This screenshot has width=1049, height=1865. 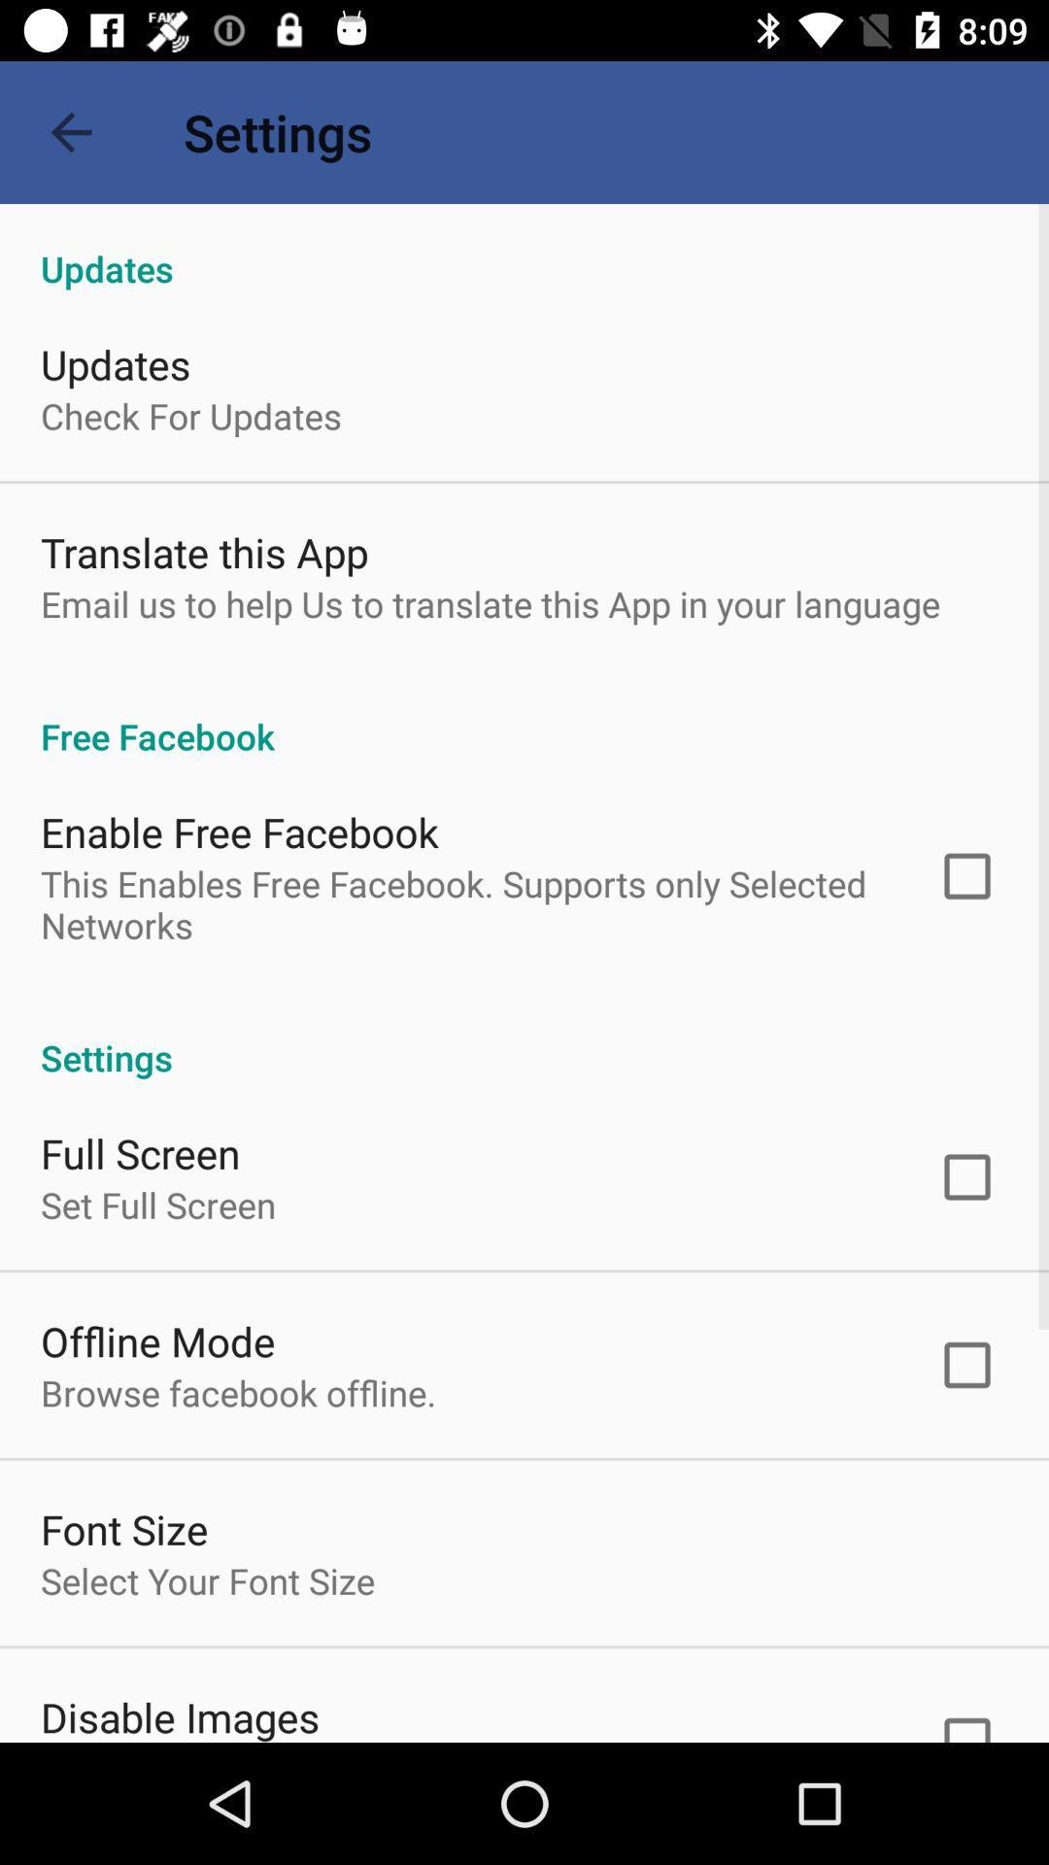 What do you see at coordinates (180, 1715) in the screenshot?
I see `the item below the select your font app` at bounding box center [180, 1715].